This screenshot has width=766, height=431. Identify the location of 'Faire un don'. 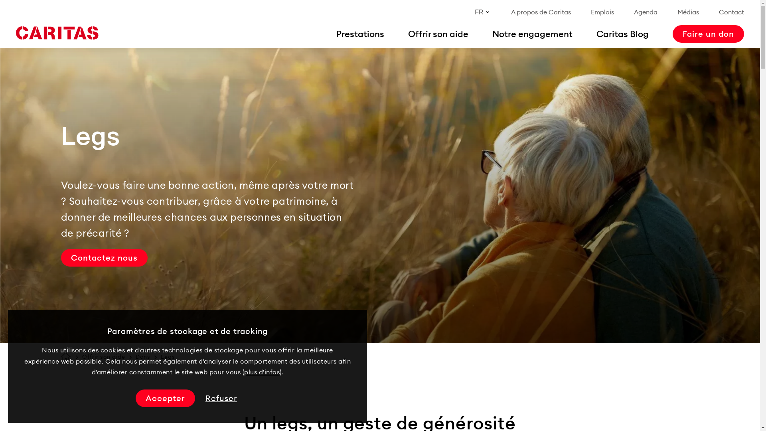
(672, 33).